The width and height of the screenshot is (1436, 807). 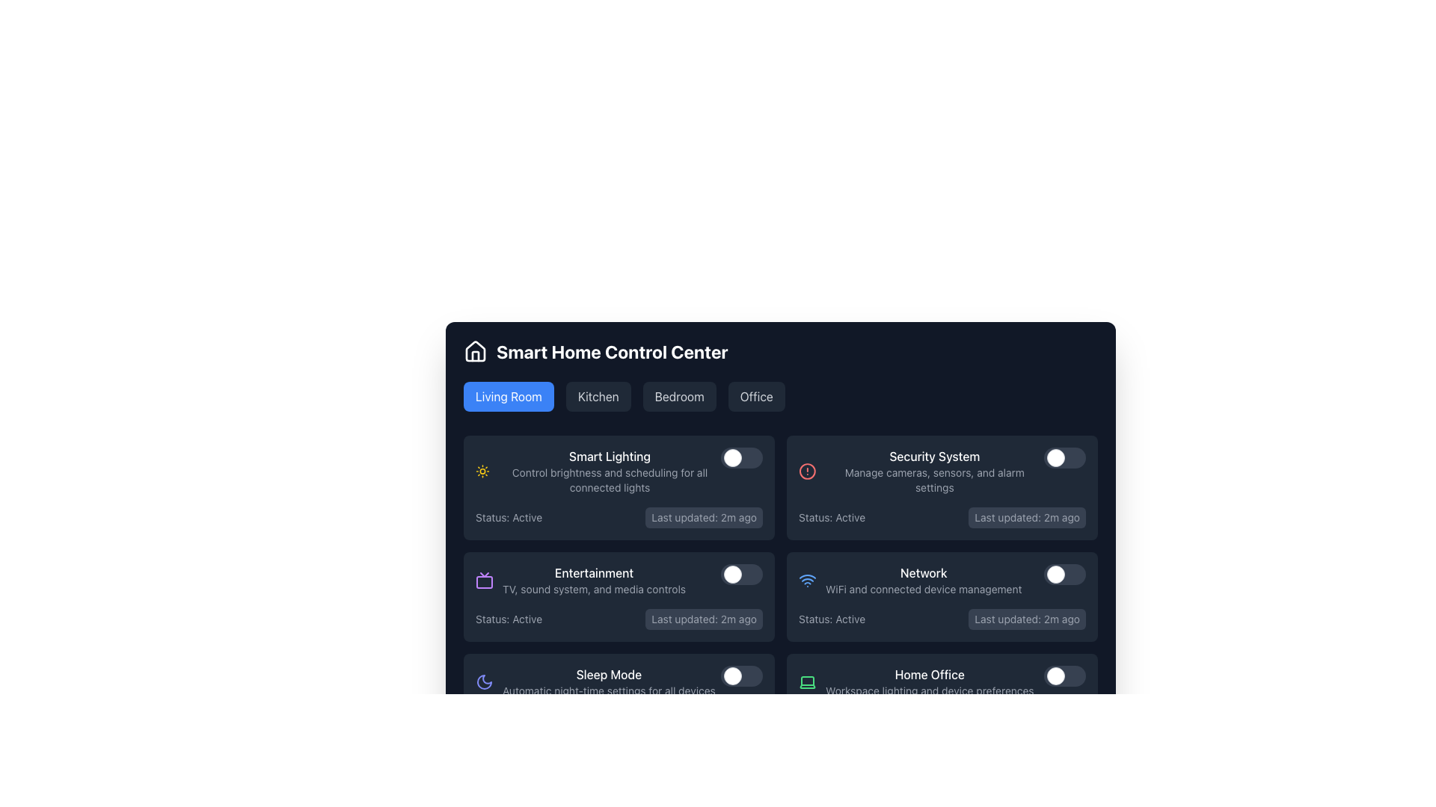 I want to click on the Informational text block for the 'Smart Lighting' control module, located in the upper-left portion of the grid layout, providing details about managing brightness and scheduling for connected lights, so click(x=610, y=471).